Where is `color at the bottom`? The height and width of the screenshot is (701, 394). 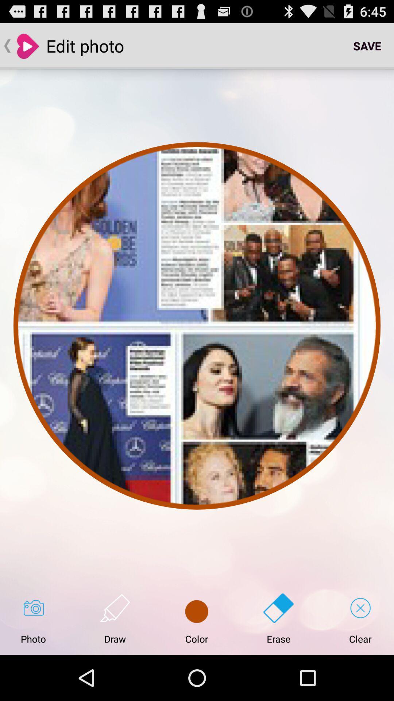 color at the bottom is located at coordinates (196, 618).